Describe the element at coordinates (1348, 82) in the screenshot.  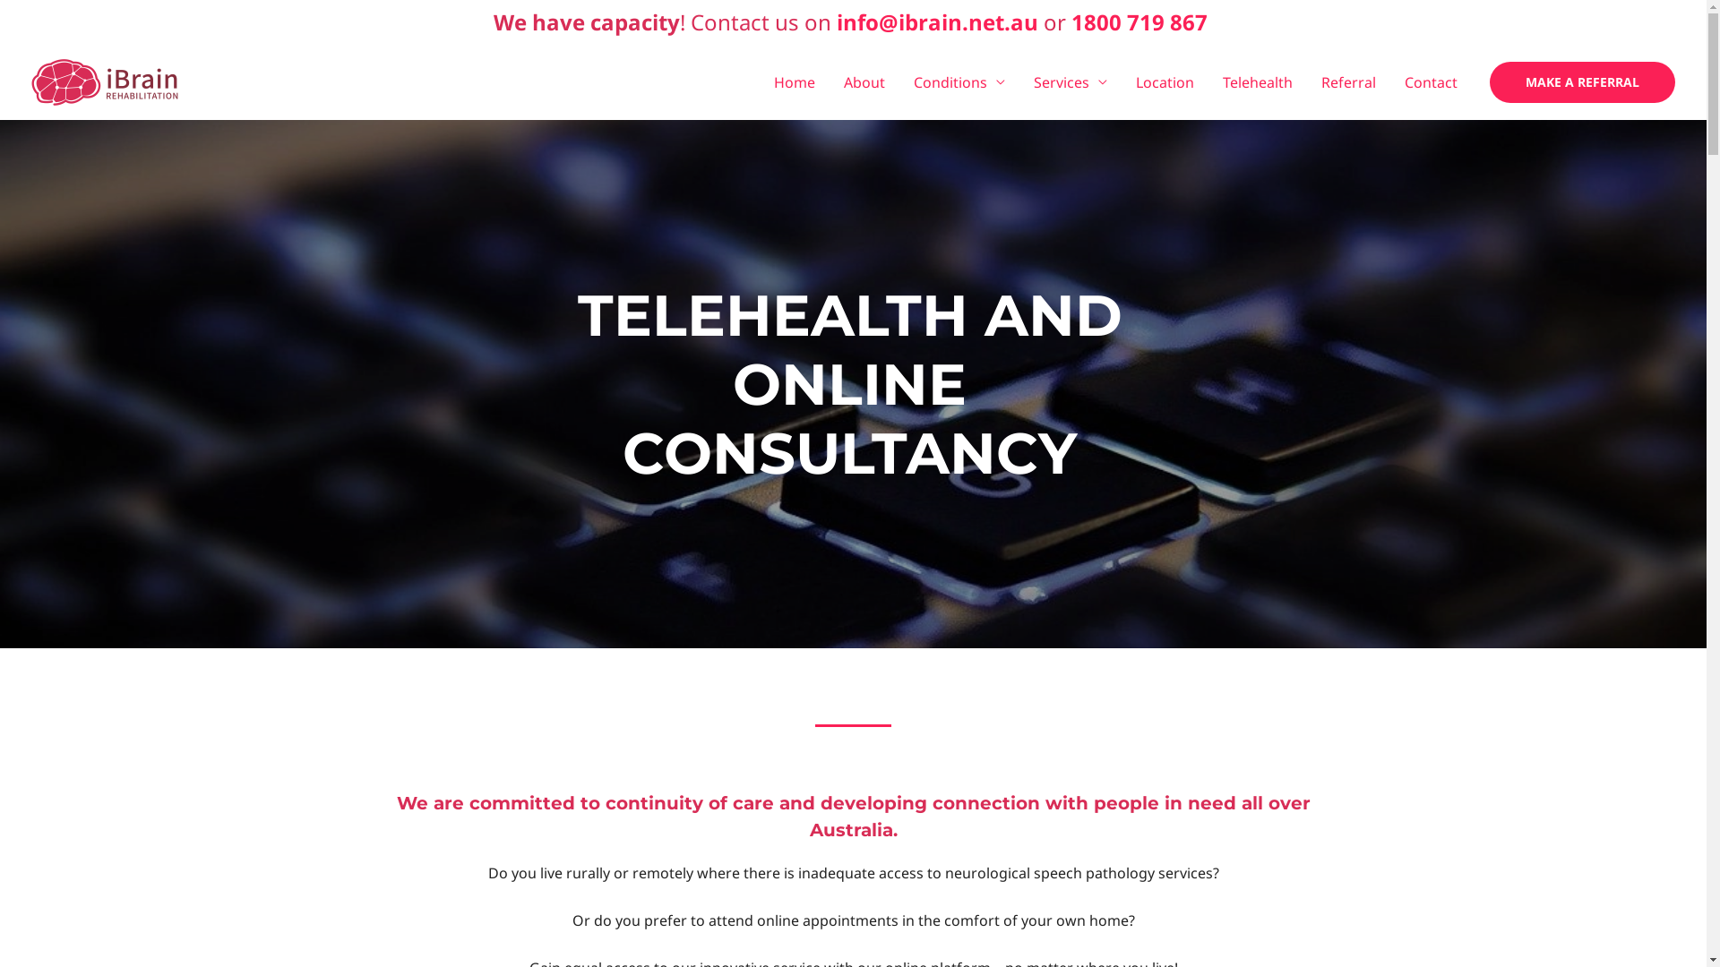
I see `'Referral'` at that location.